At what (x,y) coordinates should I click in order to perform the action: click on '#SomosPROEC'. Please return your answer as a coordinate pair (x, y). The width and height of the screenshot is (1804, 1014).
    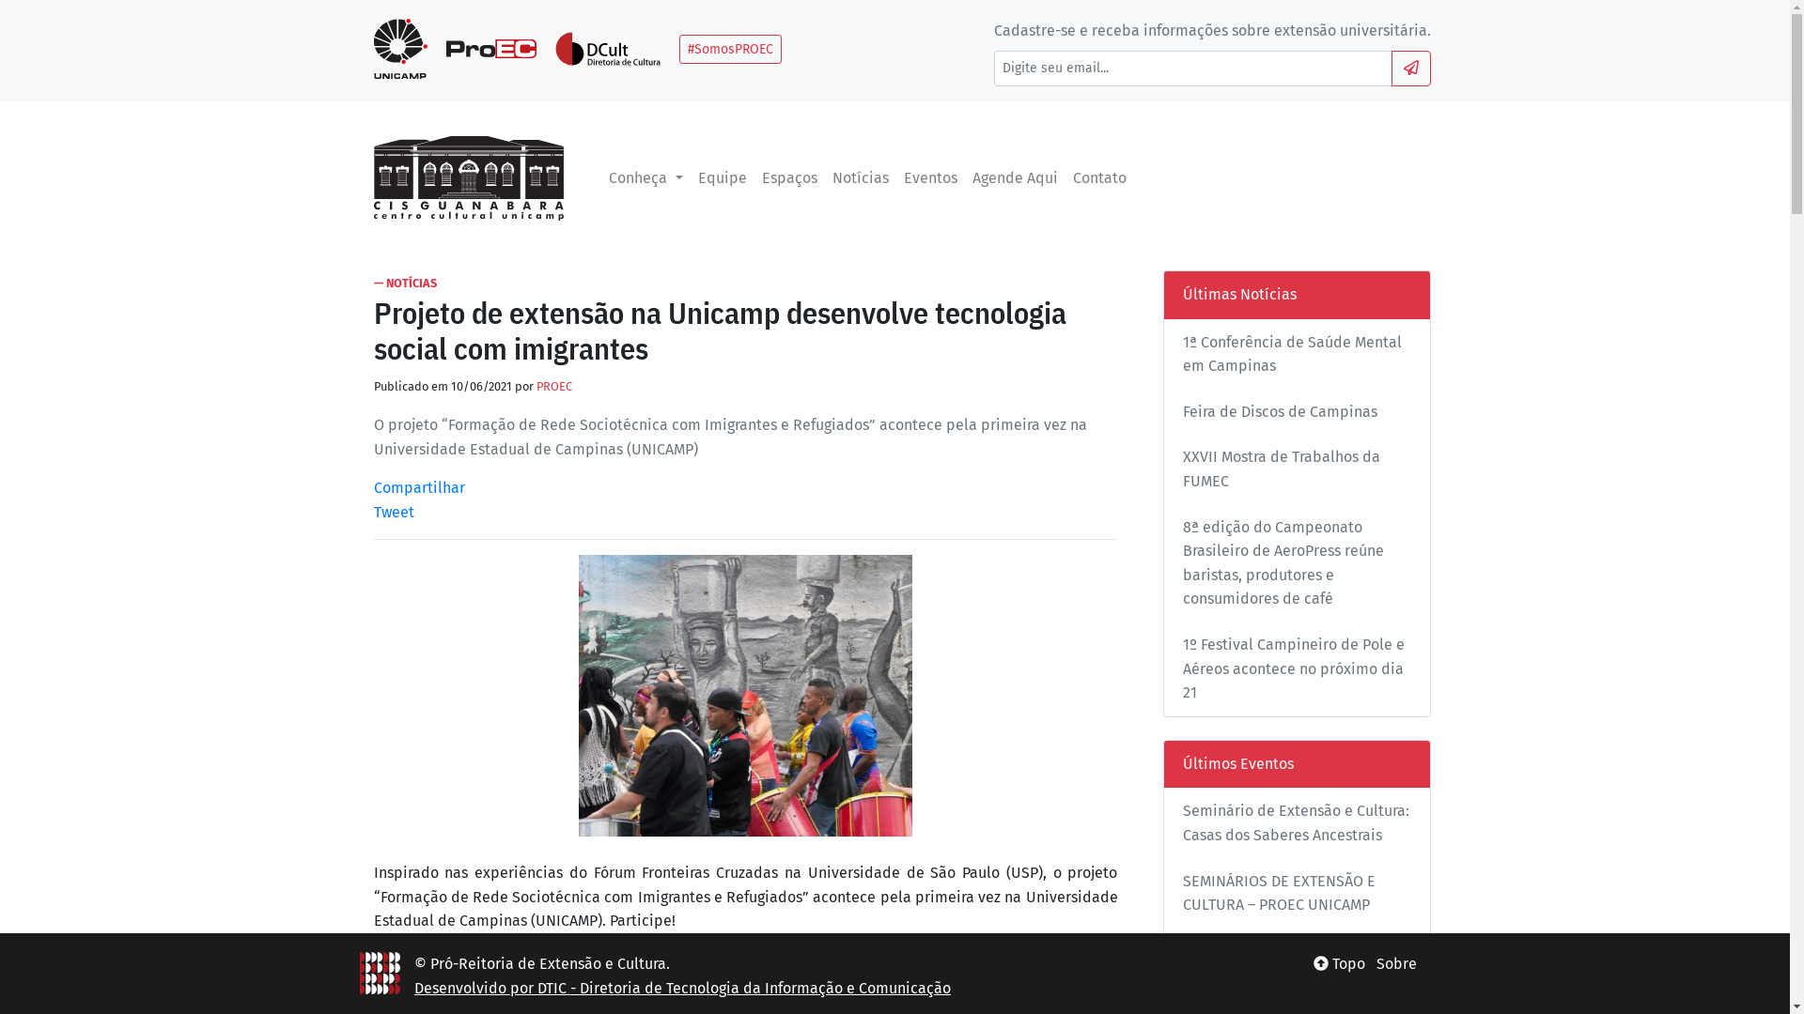
    Looking at the image, I should click on (678, 47).